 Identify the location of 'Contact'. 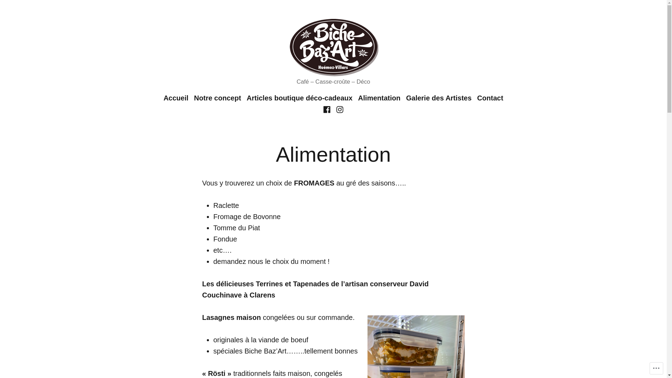
(488, 98).